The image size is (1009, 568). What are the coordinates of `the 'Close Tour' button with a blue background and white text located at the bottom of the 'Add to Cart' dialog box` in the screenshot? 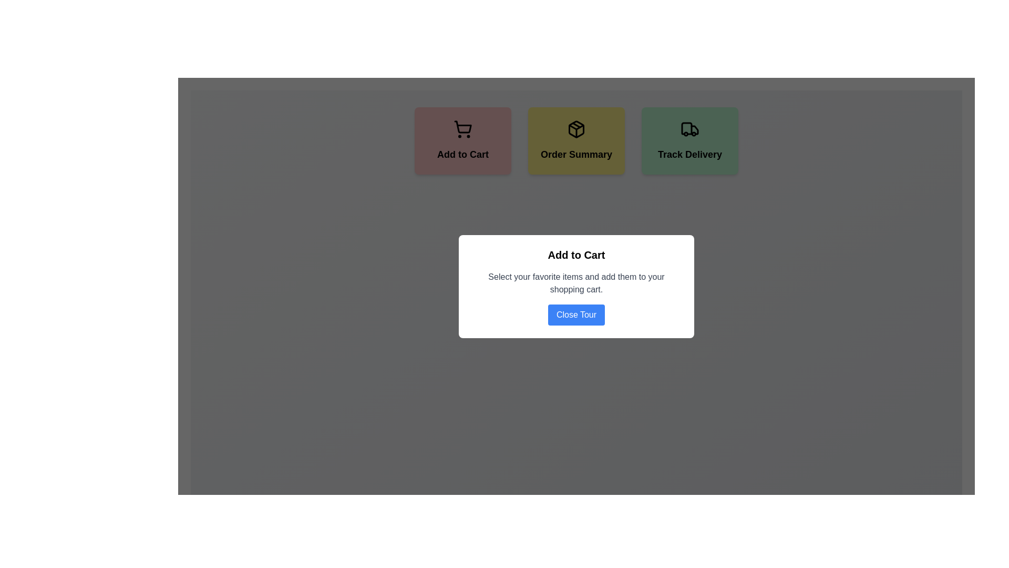 It's located at (576, 313).